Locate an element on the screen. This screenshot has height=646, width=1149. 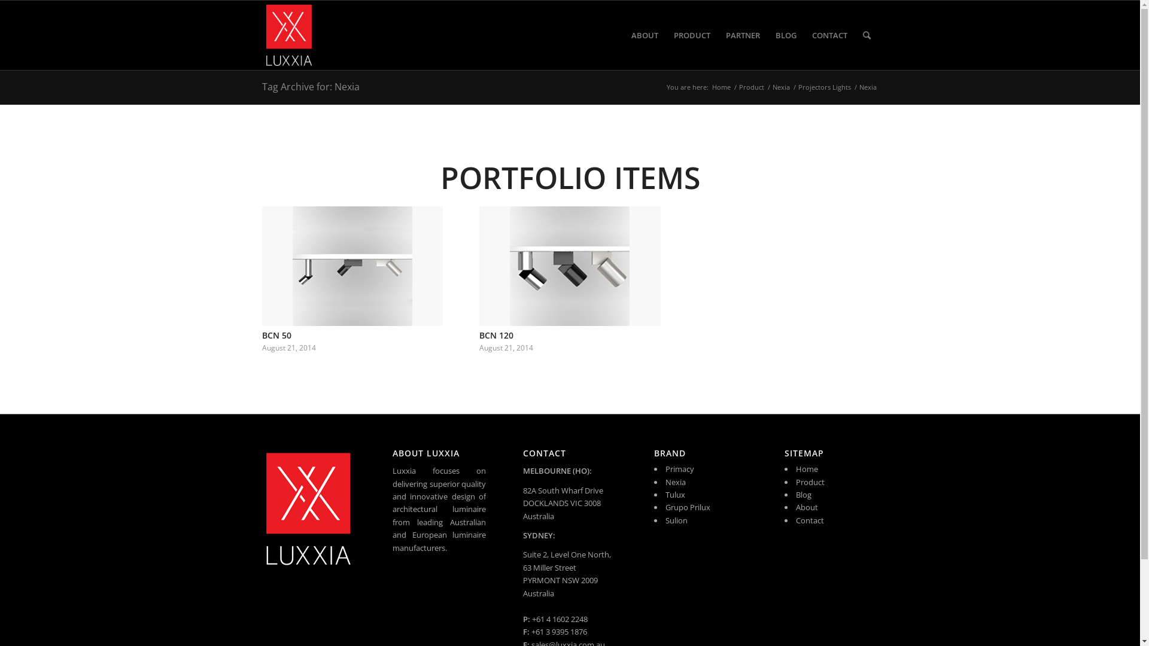
'Sulion' is located at coordinates (676, 520).